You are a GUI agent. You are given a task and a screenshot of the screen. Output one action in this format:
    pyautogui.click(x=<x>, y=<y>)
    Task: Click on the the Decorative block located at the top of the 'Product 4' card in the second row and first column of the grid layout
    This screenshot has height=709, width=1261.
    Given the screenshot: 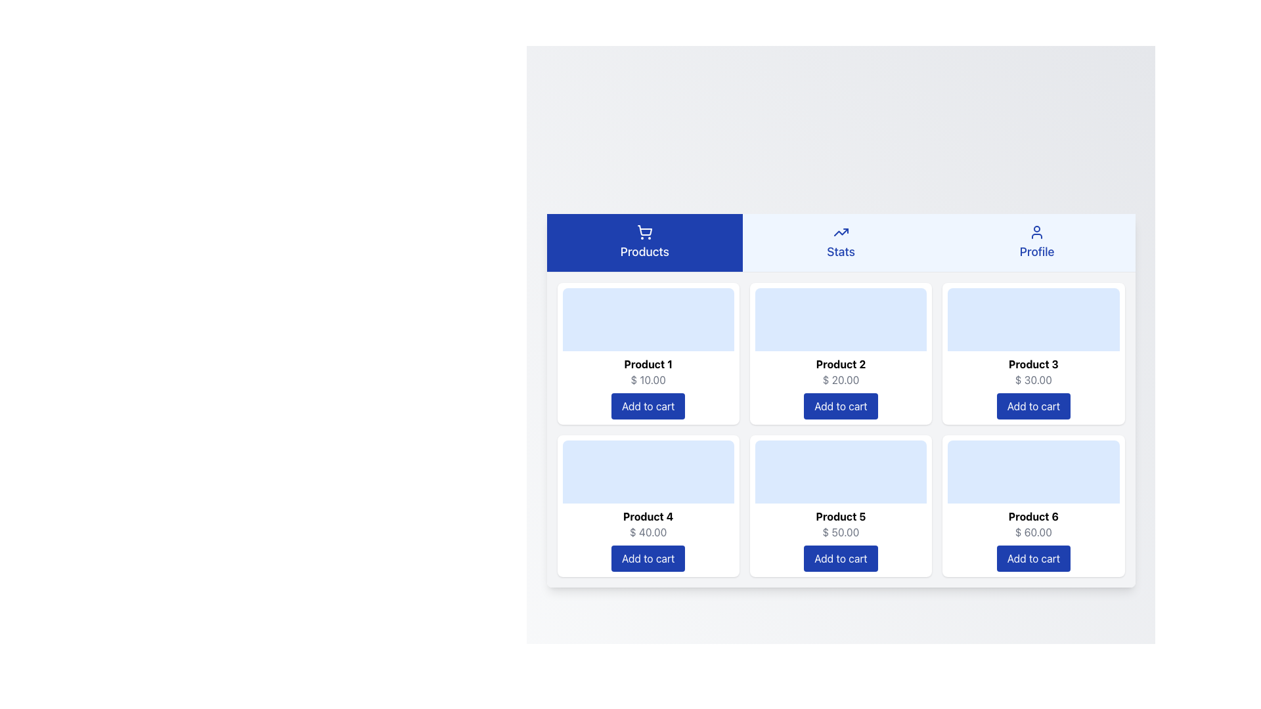 What is the action you would take?
    pyautogui.click(x=648, y=471)
    